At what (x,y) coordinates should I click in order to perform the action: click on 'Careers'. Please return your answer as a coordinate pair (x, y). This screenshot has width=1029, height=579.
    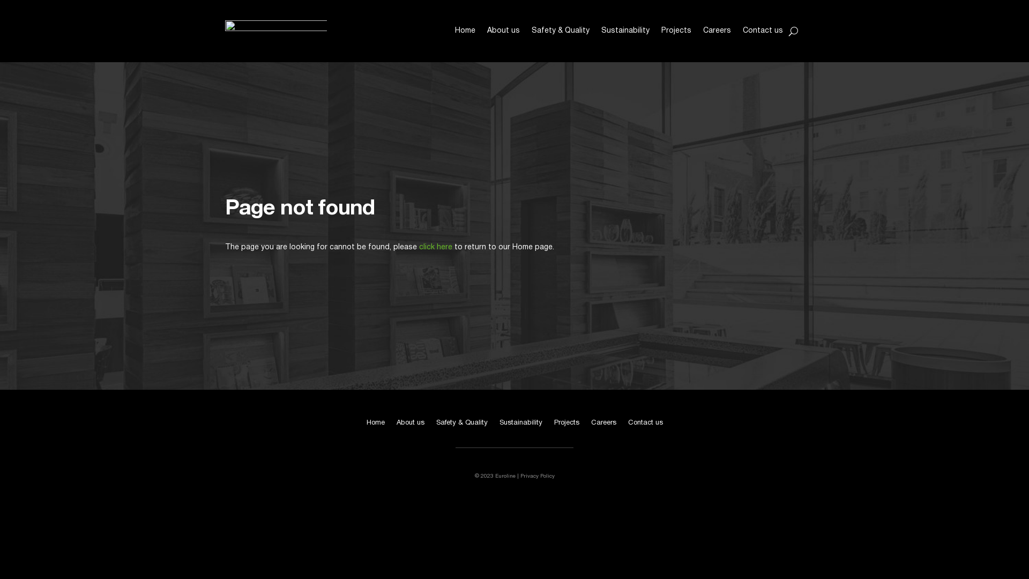
    Looking at the image, I should click on (717, 30).